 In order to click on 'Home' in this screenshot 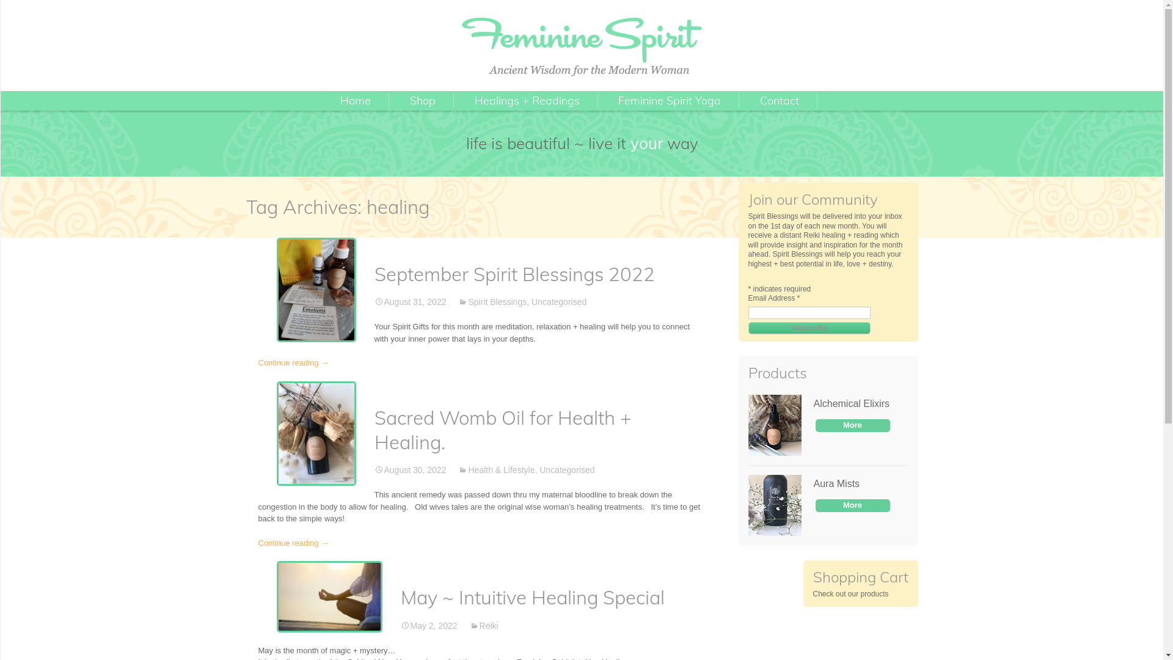, I will do `click(354, 100)`.